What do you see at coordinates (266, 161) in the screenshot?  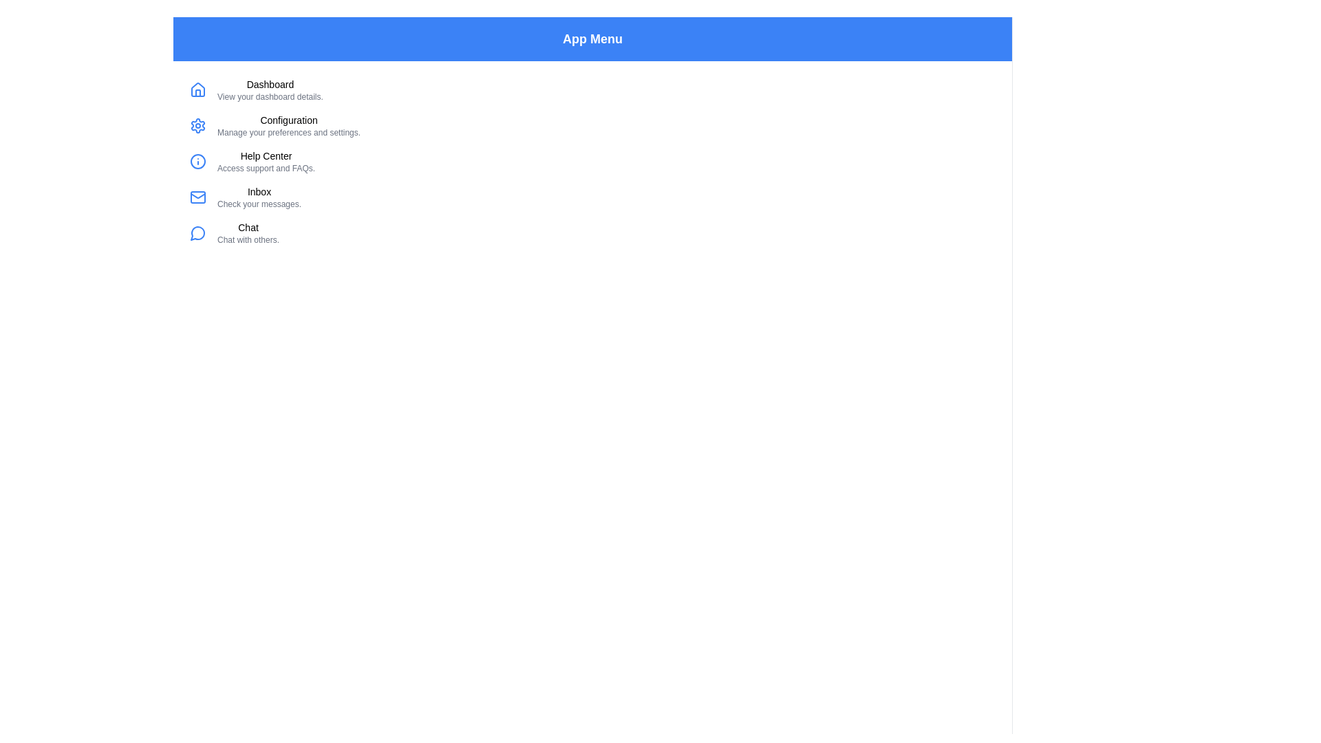 I see `the informational header labeled 'Support and FAQs'` at bounding box center [266, 161].